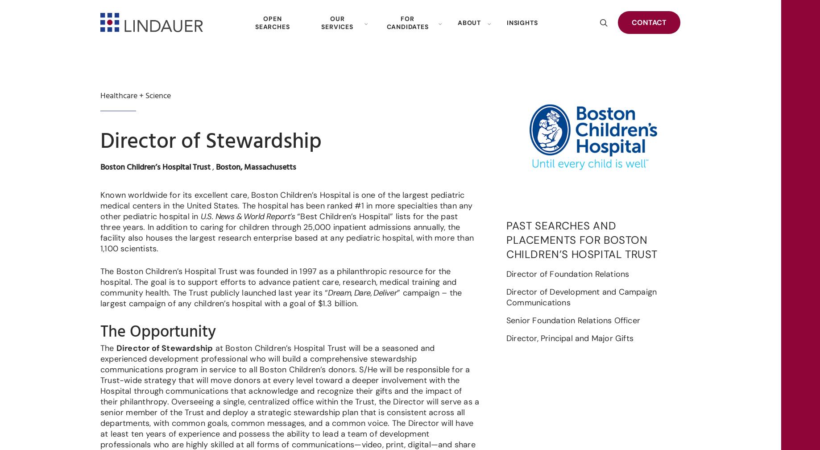  What do you see at coordinates (135, 96) in the screenshot?
I see `'Healthcare + Science'` at bounding box center [135, 96].